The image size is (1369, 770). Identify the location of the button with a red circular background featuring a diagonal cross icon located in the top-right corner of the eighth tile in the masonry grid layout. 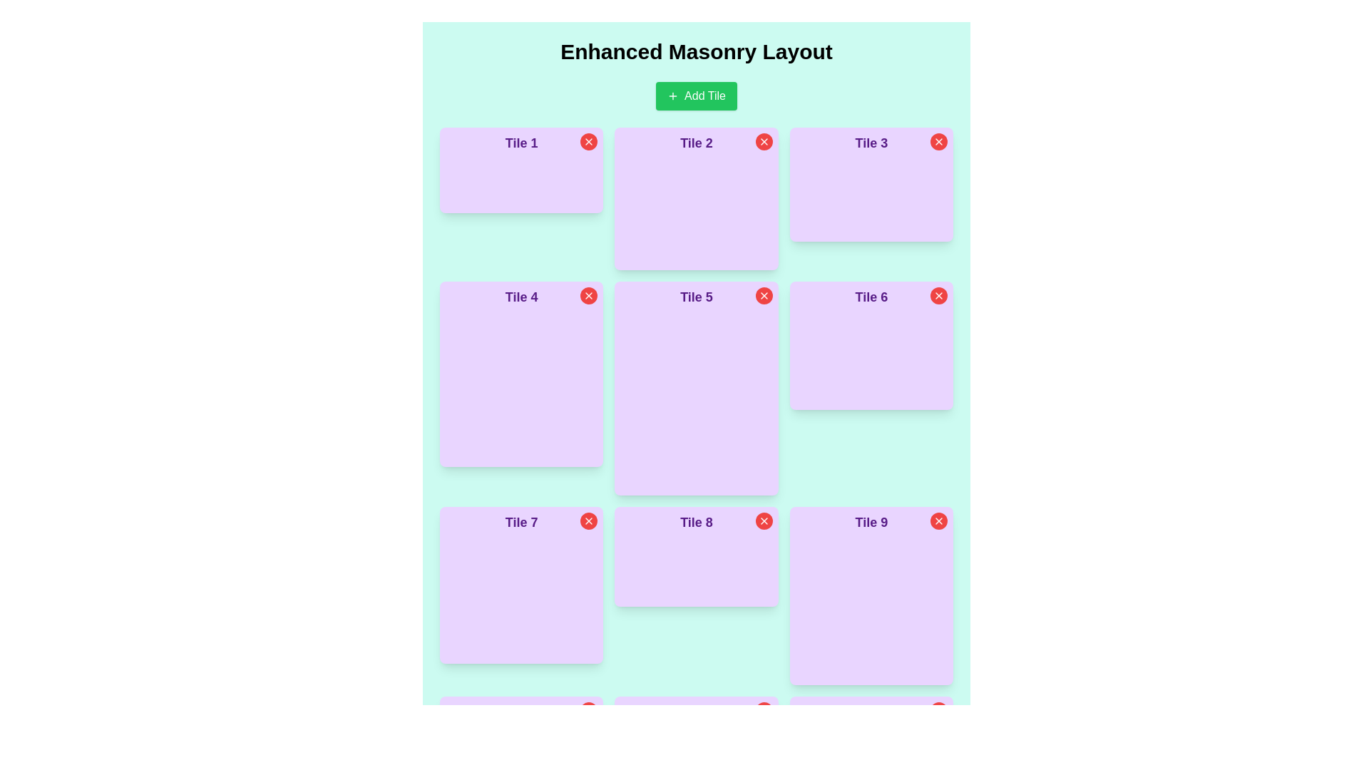
(763, 521).